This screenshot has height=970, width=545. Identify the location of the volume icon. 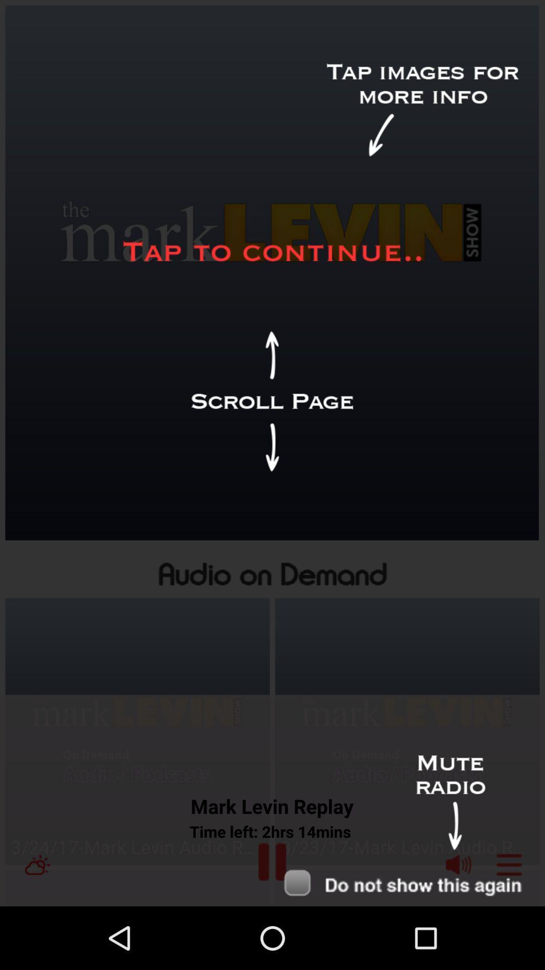
(458, 926).